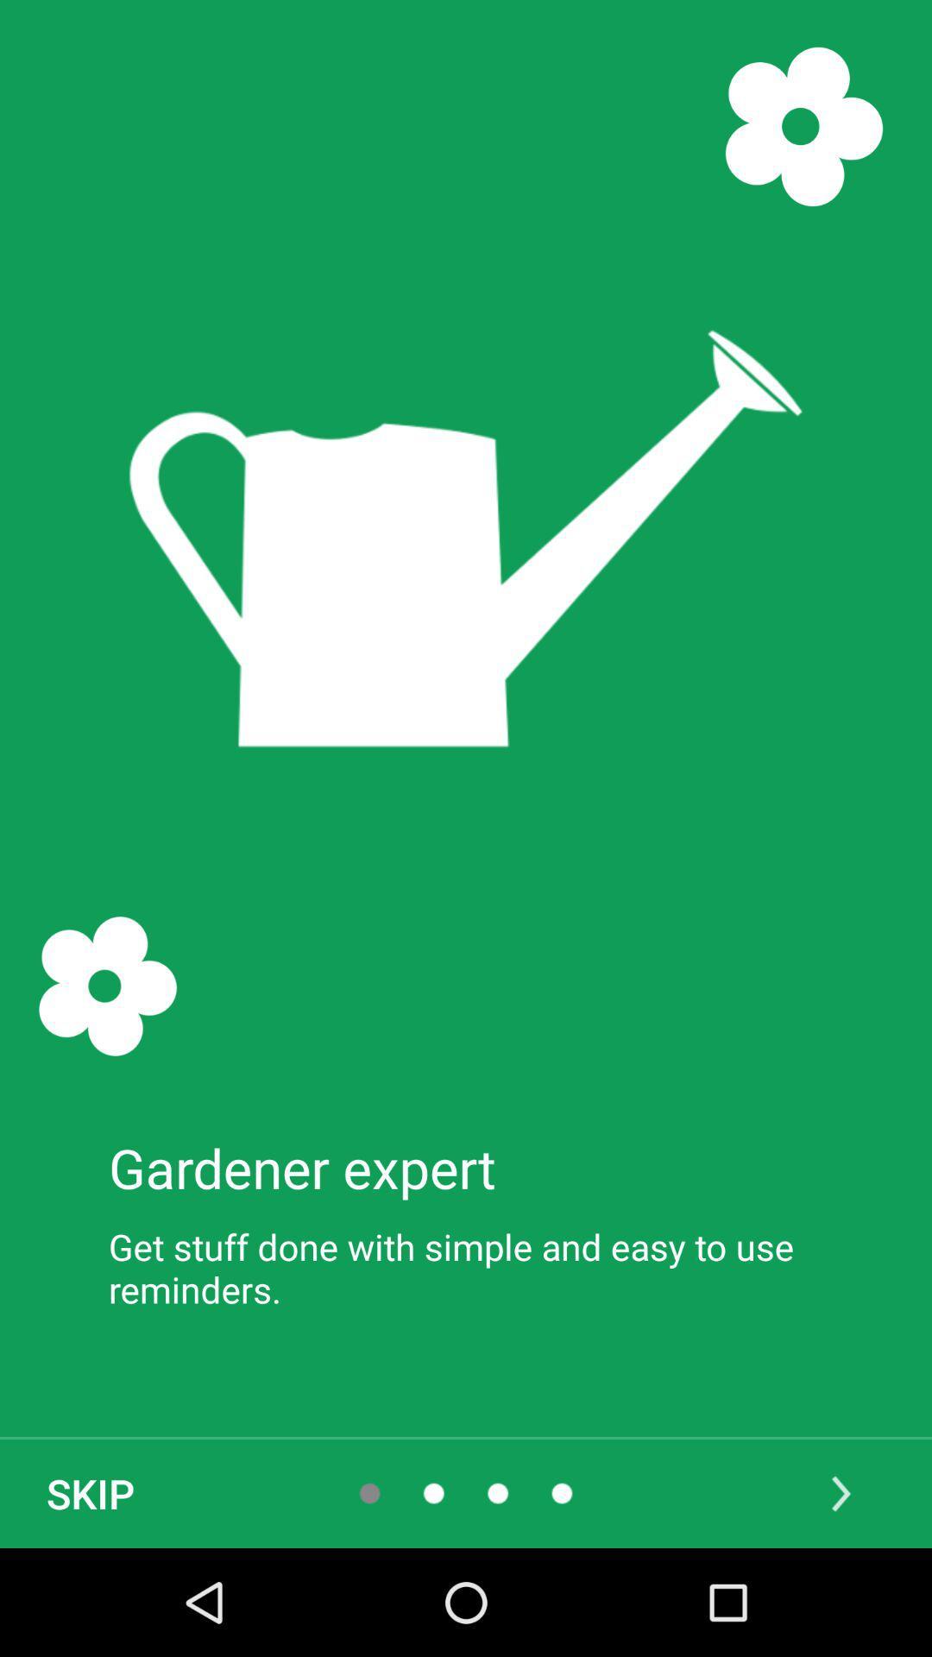 The width and height of the screenshot is (932, 1657). I want to click on the skip item, so click(90, 1493).